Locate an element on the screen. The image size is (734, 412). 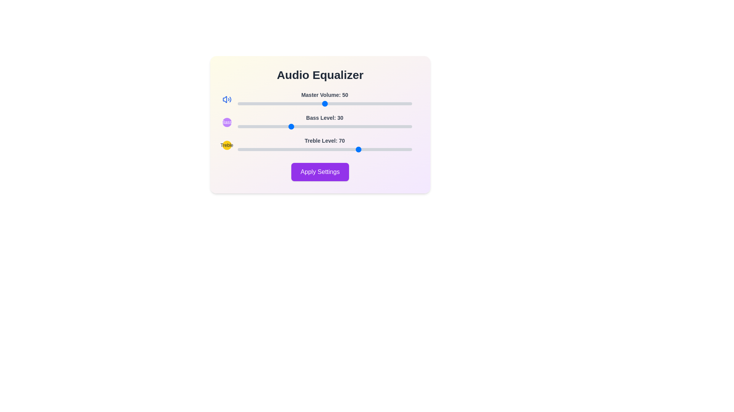
the horizontal slider located below the text 'Master Volume: 50' is located at coordinates (325, 104).